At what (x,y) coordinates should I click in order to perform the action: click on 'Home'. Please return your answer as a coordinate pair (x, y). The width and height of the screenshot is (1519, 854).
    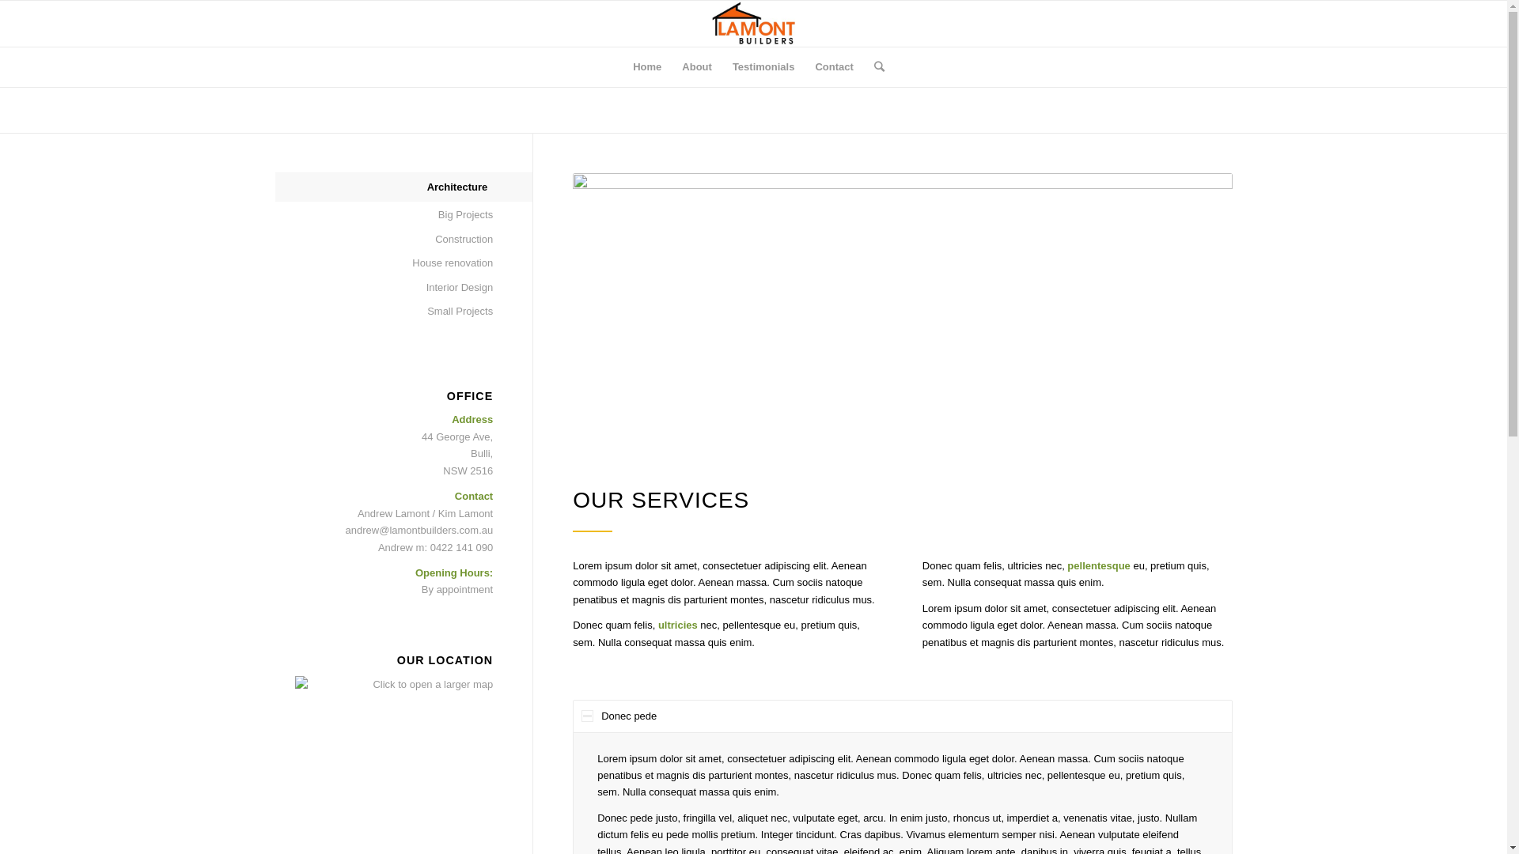
    Looking at the image, I should click on (646, 66).